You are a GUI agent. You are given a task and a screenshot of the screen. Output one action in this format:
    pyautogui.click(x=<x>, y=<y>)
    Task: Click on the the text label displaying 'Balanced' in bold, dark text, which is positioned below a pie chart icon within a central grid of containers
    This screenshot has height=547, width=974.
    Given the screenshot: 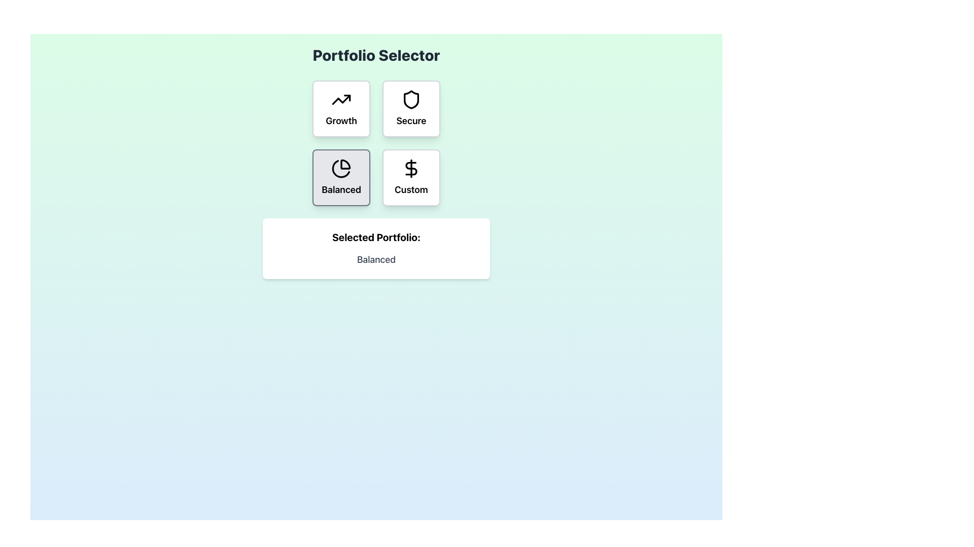 What is the action you would take?
    pyautogui.click(x=341, y=189)
    